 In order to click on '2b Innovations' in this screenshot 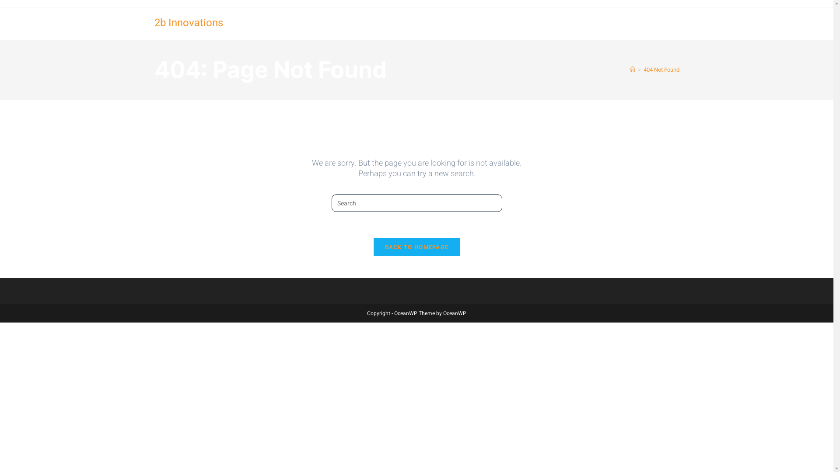, I will do `click(188, 22)`.